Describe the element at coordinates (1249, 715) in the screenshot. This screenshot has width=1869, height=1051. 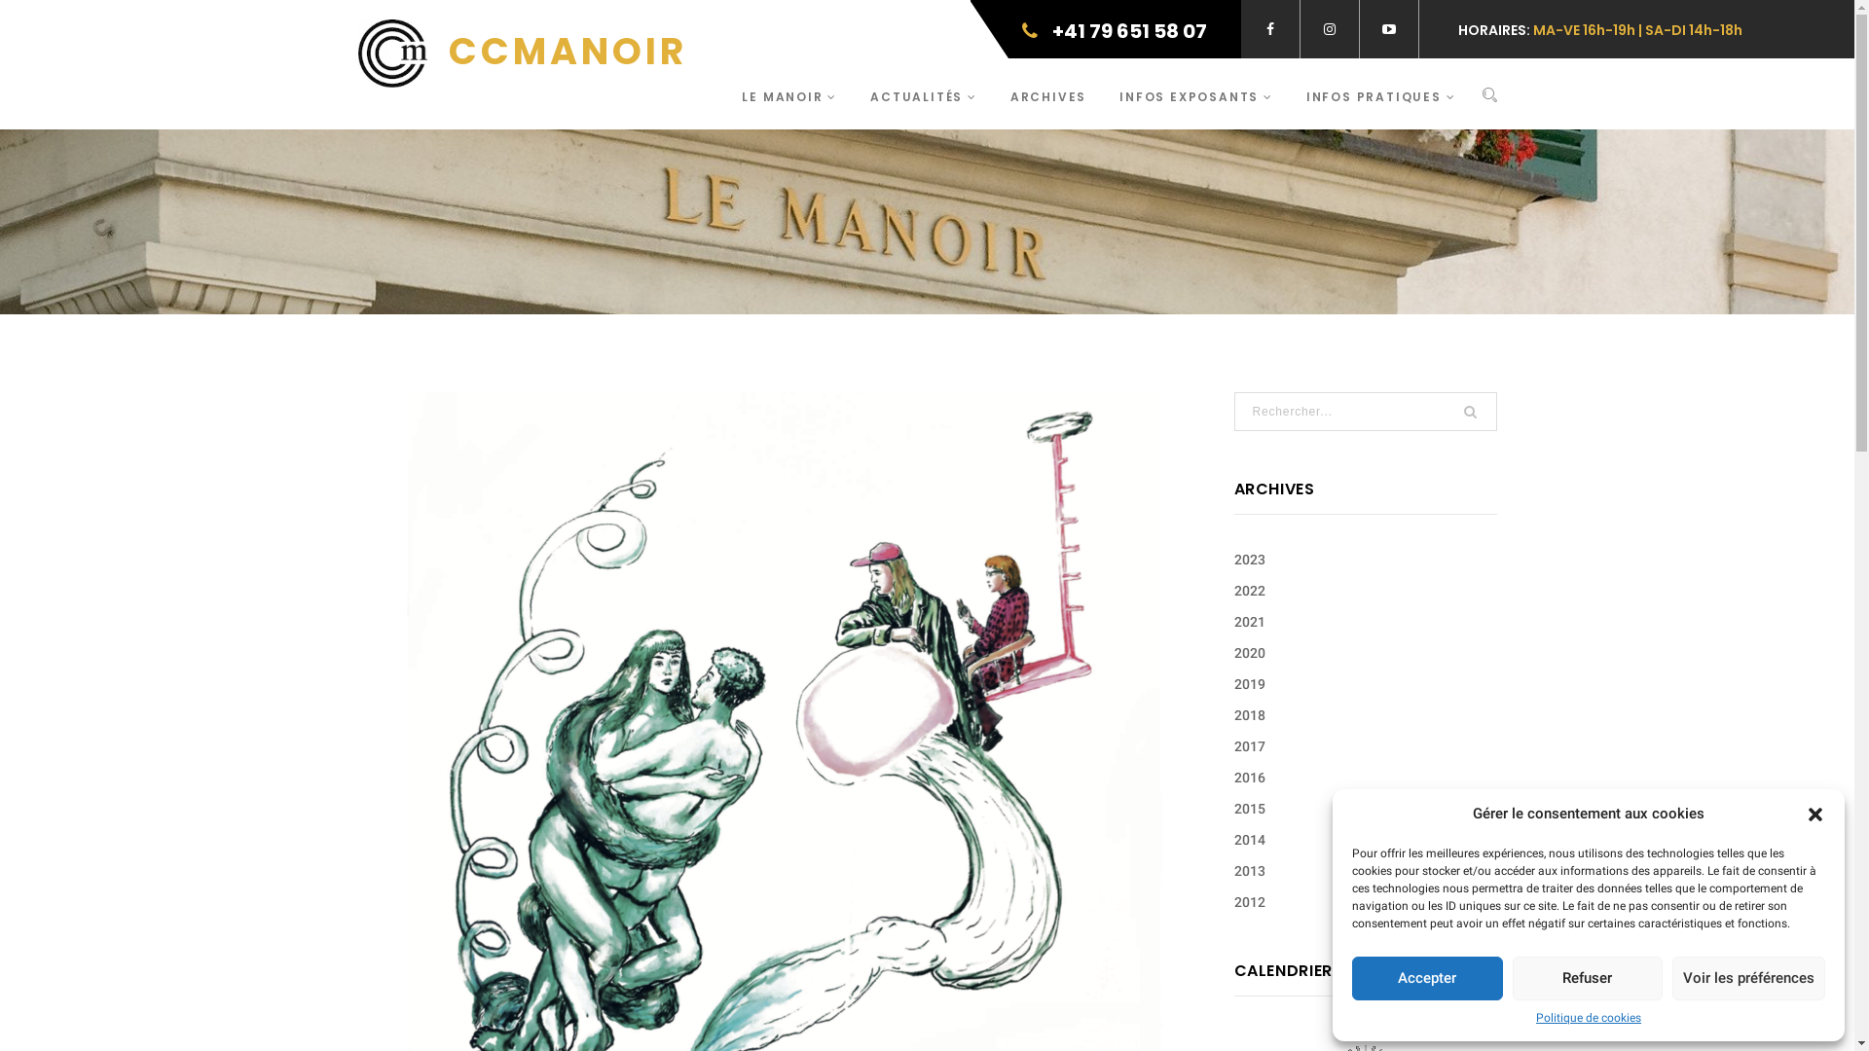
I see `'2018'` at that location.